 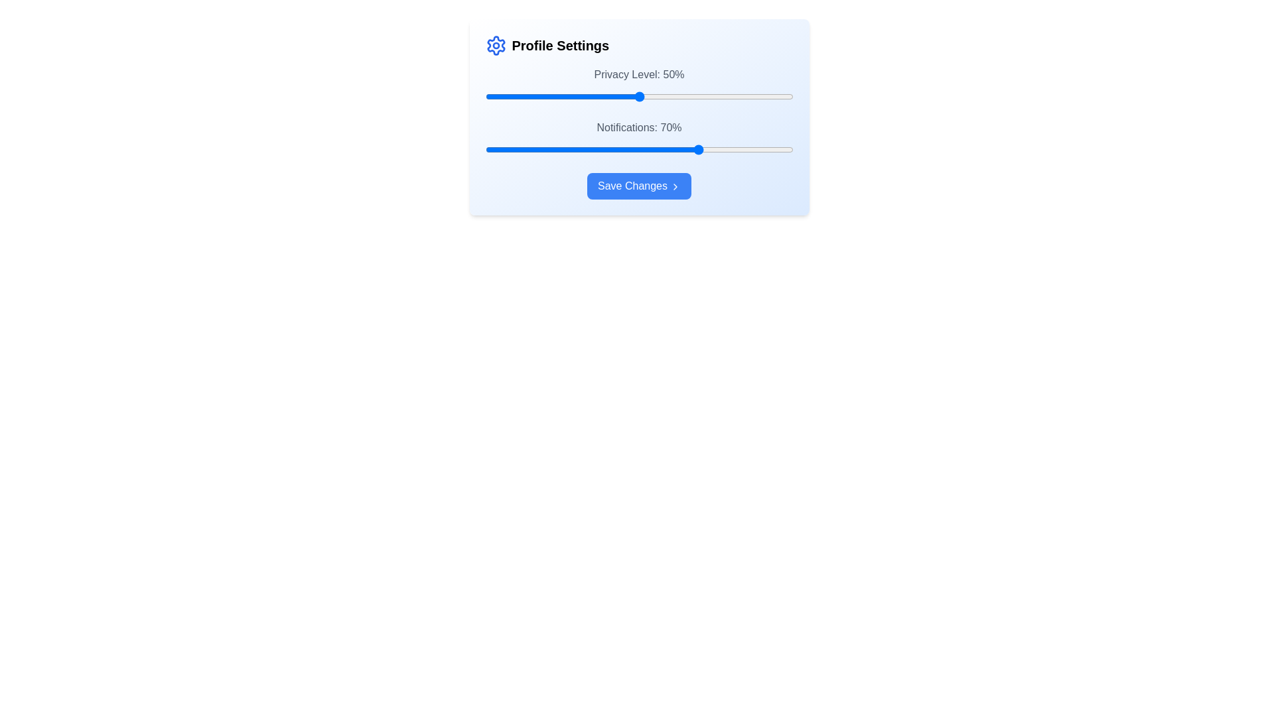 I want to click on the 'Privacy Level' slider to 6%, so click(x=503, y=96).